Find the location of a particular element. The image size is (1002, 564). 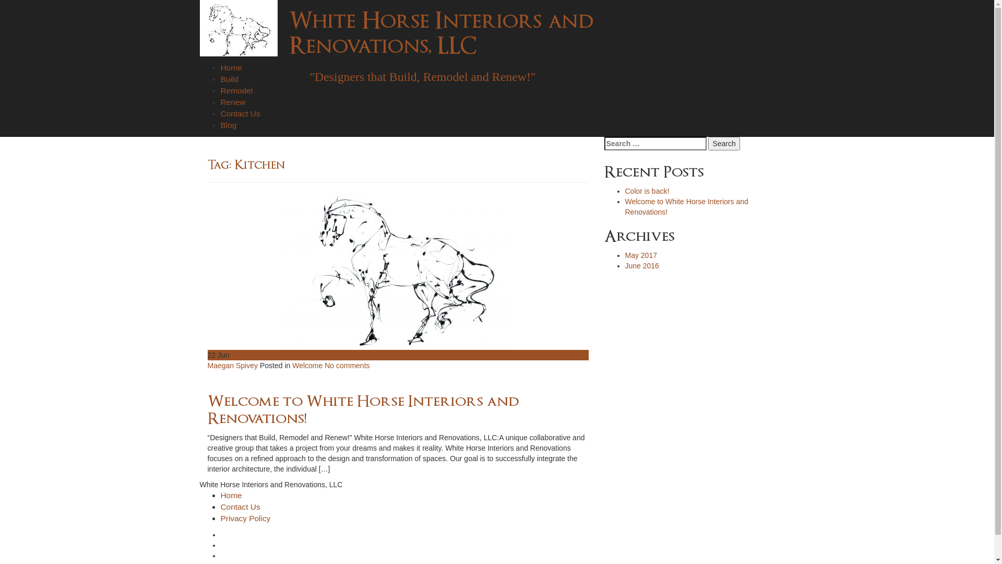

'Contact Us' is located at coordinates (240, 113).